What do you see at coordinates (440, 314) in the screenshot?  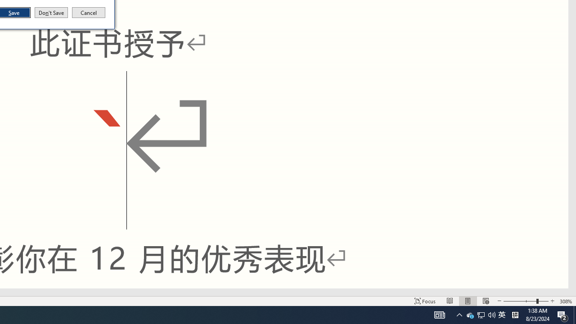 I see `'AutomationID: 4105'` at bounding box center [440, 314].